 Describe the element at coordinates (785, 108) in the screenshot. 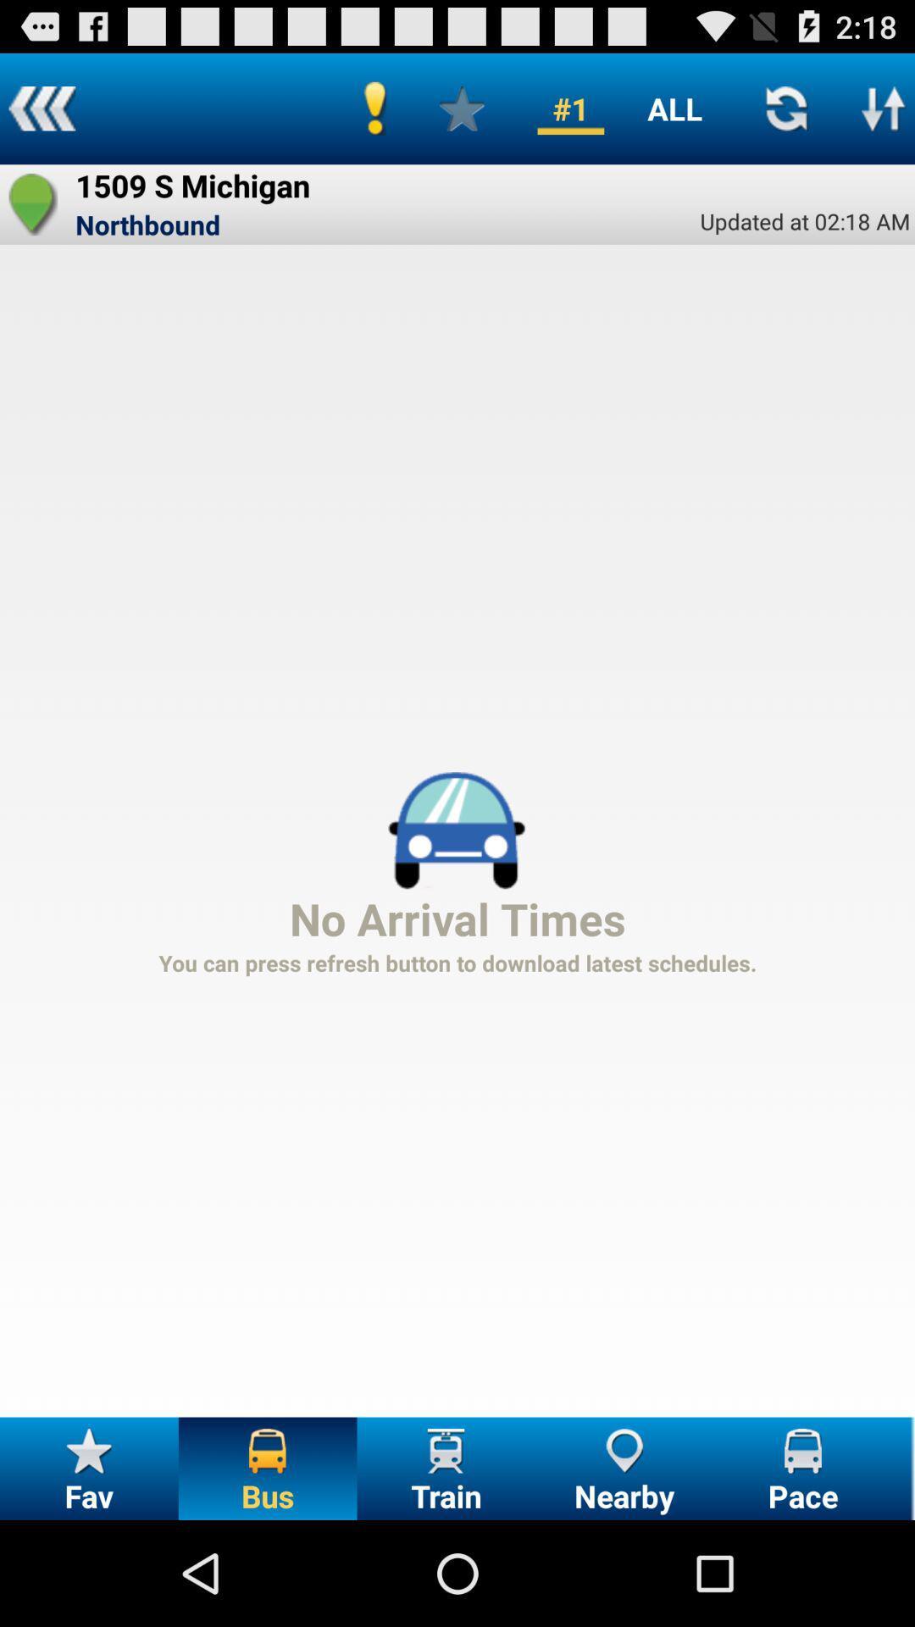

I see `refresh page` at that location.